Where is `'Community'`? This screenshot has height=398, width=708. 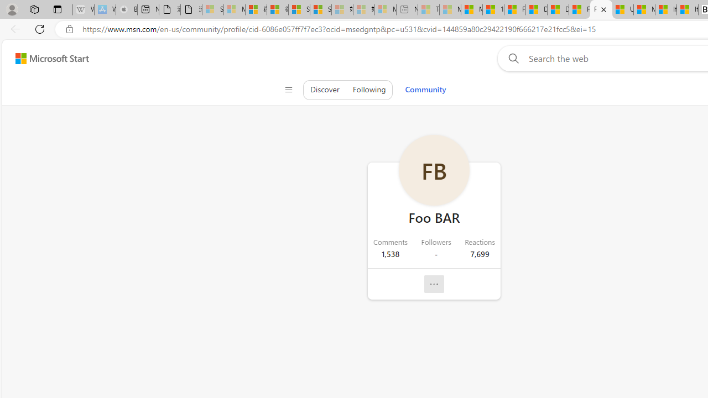
'Community' is located at coordinates (425, 89).